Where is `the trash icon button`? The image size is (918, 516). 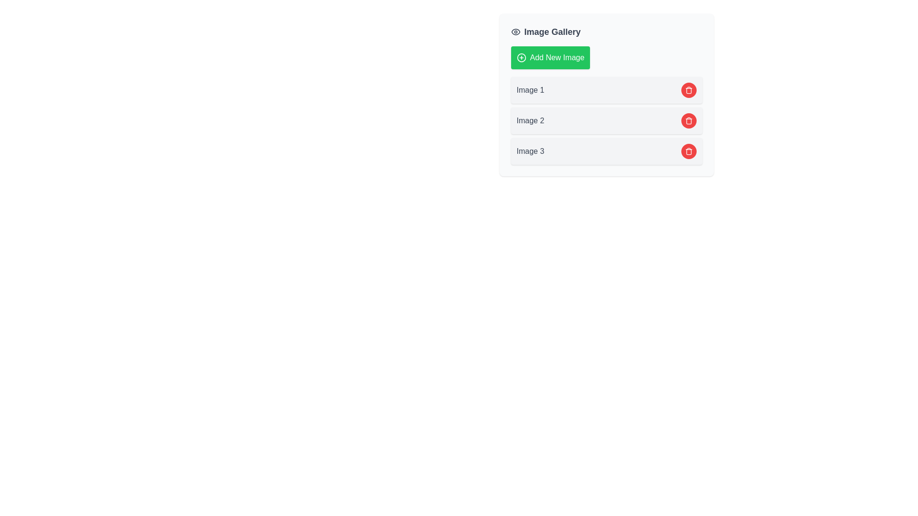
the trash icon button is located at coordinates (688, 90).